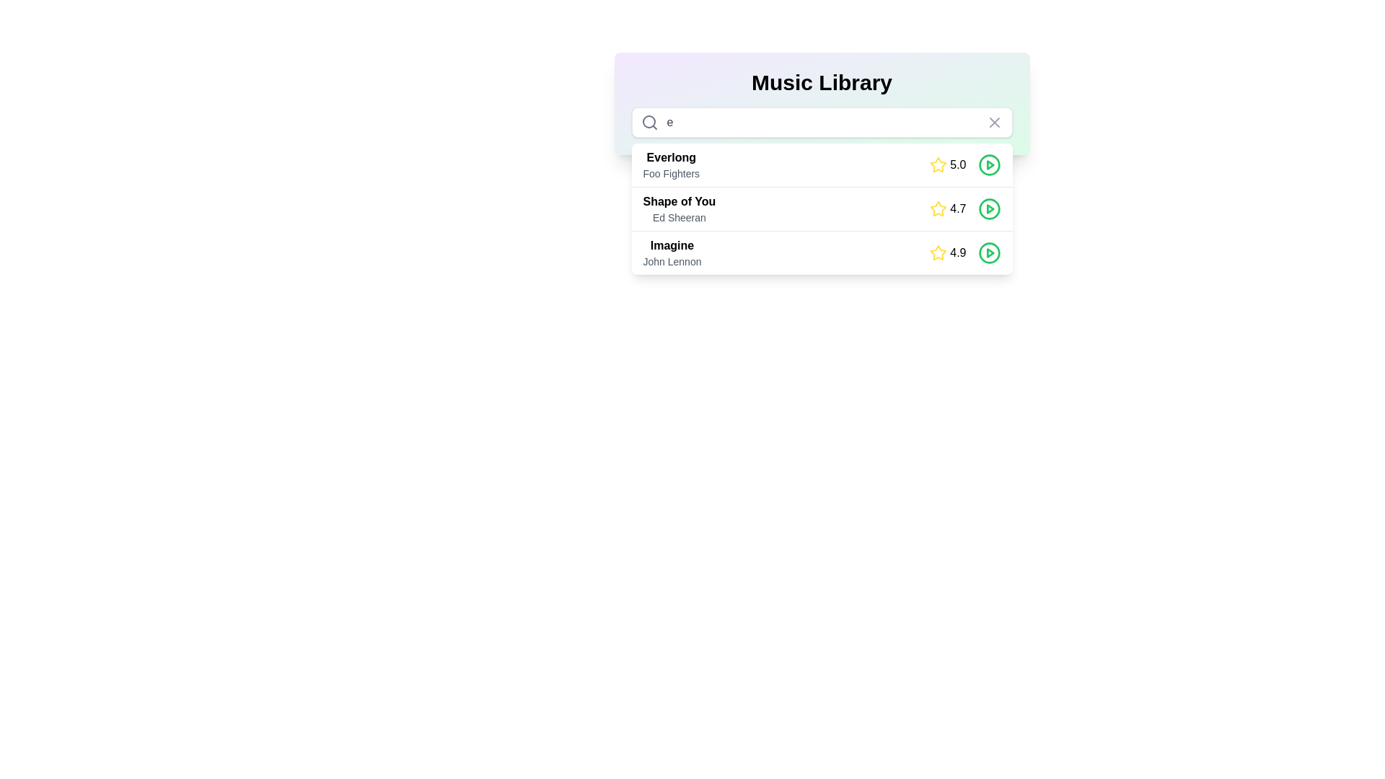 The width and height of the screenshot is (1385, 779). Describe the element at coordinates (993, 121) in the screenshot. I see `the 'X' mark in the top-right corner of the search input field in the 'Music Library' section to clear the search input` at that location.